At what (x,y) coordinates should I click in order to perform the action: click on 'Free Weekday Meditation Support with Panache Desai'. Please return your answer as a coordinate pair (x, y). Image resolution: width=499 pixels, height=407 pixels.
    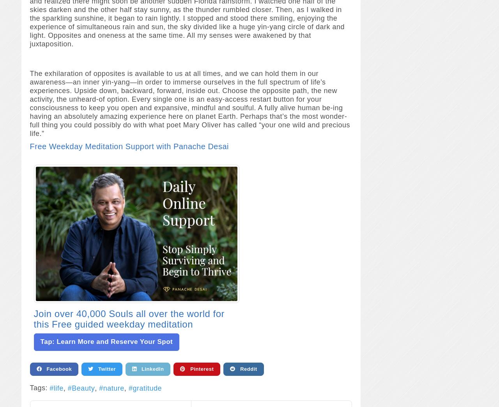
    Looking at the image, I should click on (129, 146).